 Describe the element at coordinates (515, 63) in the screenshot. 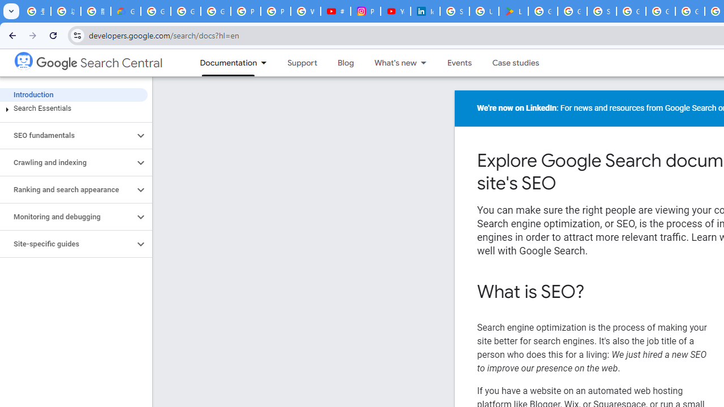

I see `'Case studies'` at that location.